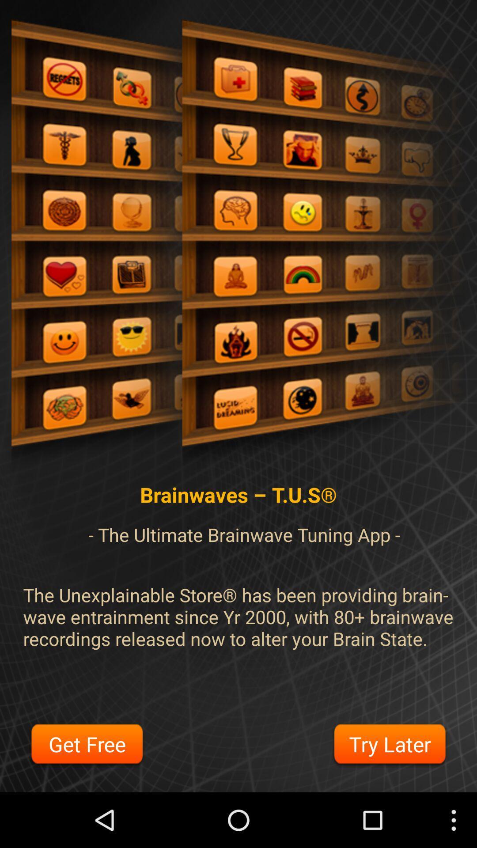 Image resolution: width=477 pixels, height=848 pixels. What do you see at coordinates (87, 746) in the screenshot?
I see `item to the left of the try later icon` at bounding box center [87, 746].